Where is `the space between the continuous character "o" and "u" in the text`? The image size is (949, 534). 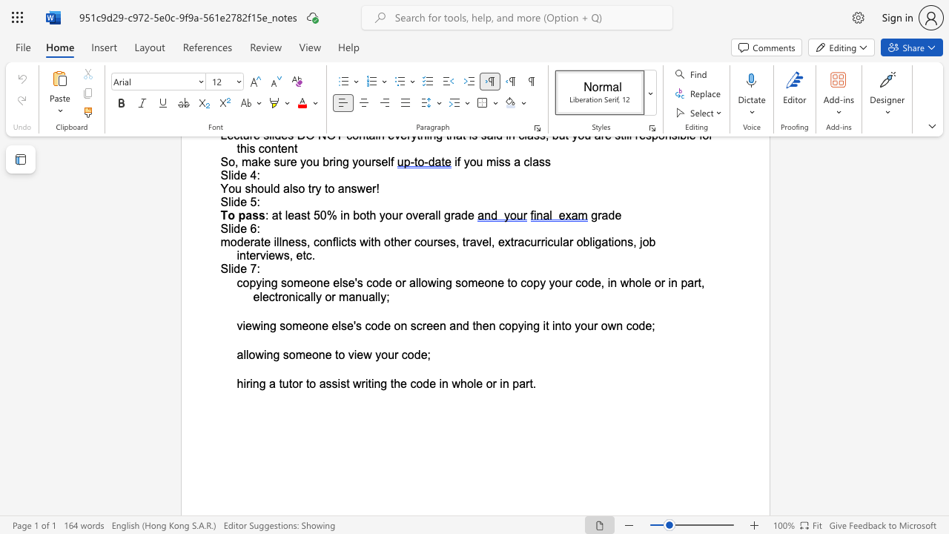 the space between the continuous character "o" and "u" in the text is located at coordinates (586, 325).